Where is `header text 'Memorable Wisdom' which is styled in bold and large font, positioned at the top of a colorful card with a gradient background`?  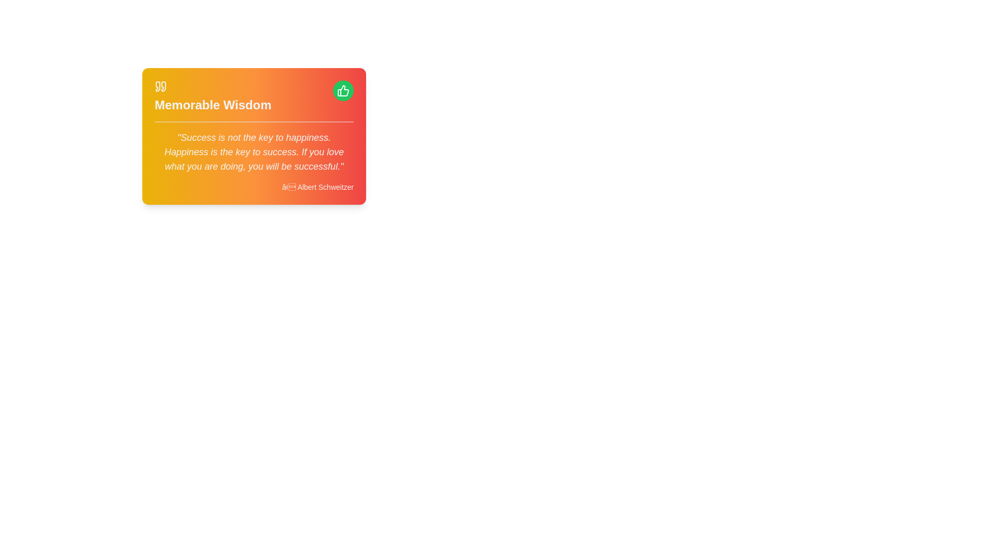
header text 'Memorable Wisdom' which is styled in bold and large font, positioned at the top of a colorful card with a gradient background is located at coordinates (254, 101).